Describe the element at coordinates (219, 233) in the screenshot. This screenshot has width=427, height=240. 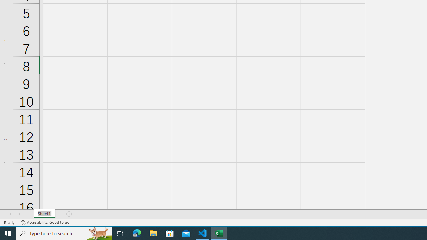
I see `'Excel - 1 running window'` at that location.